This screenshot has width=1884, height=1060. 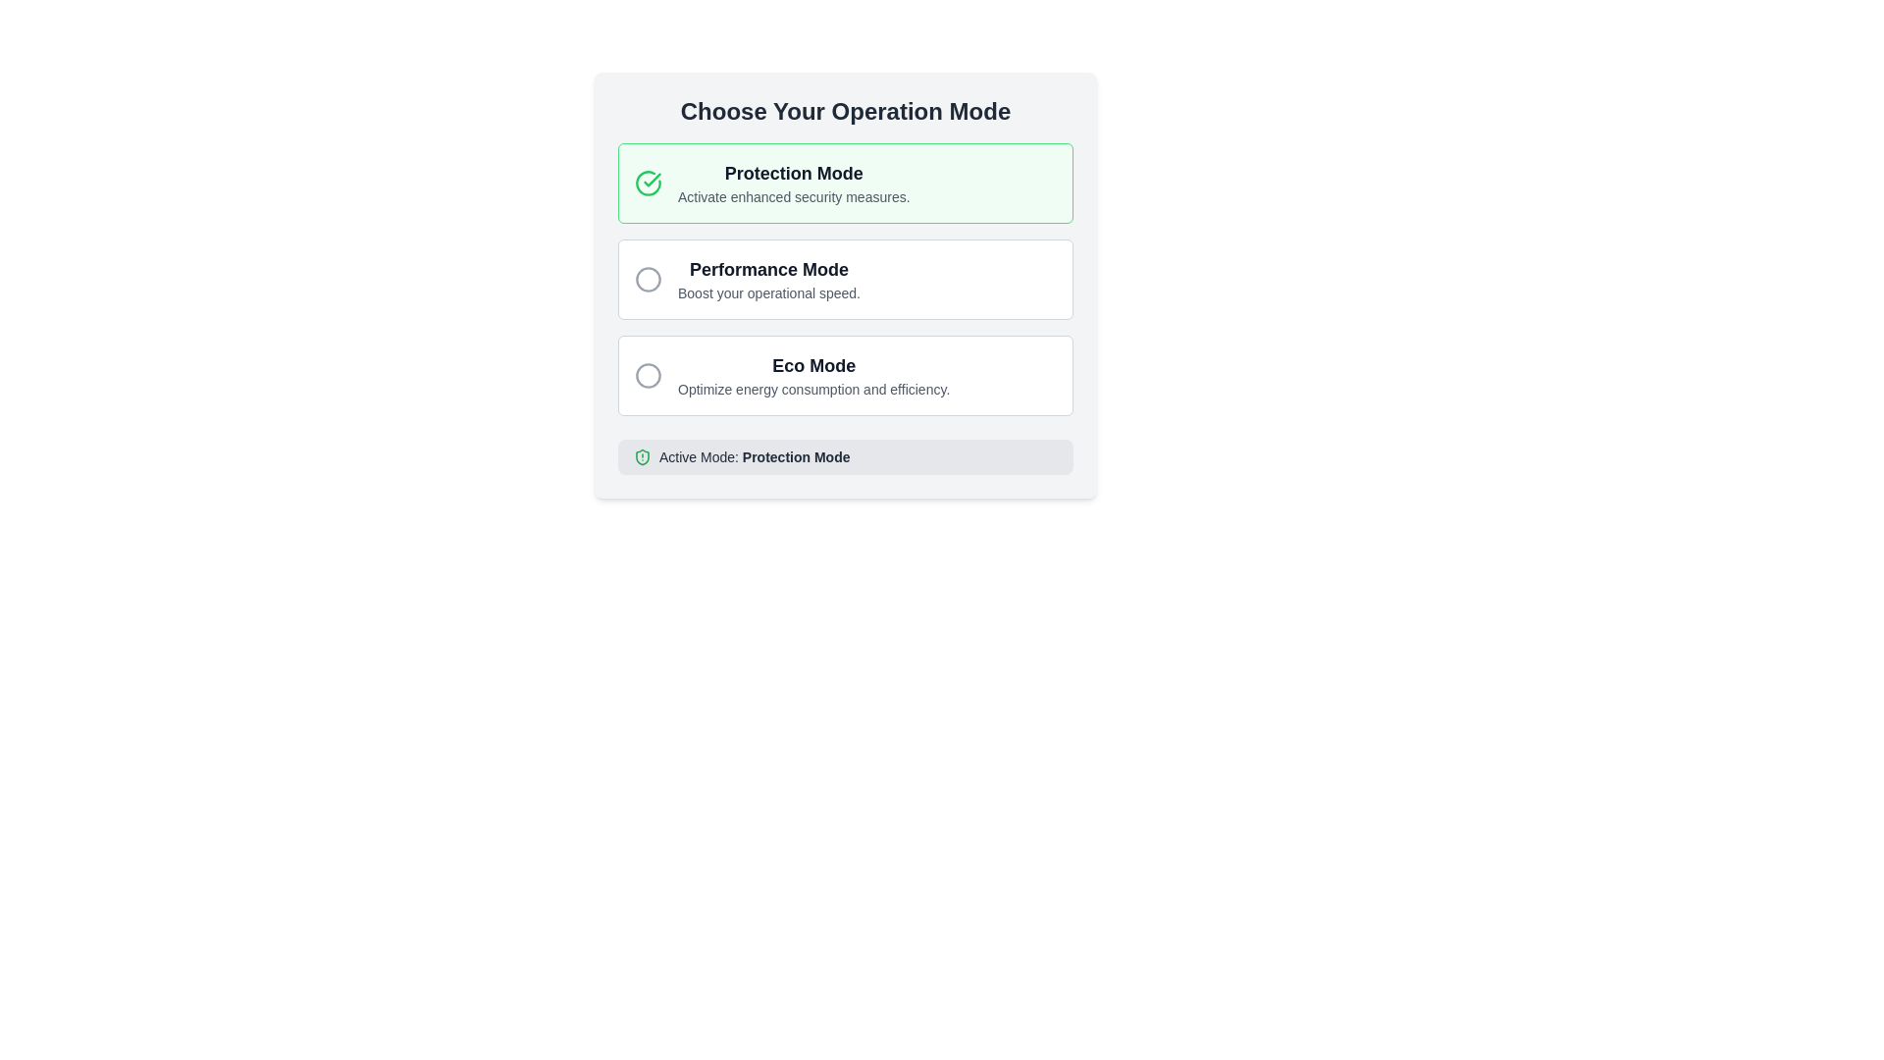 What do you see at coordinates (846, 375) in the screenshot?
I see `the 'Eco Mode' selectable card, which is the third card in the vertical stack of options titled 'Choose Your Operation Mode'` at bounding box center [846, 375].